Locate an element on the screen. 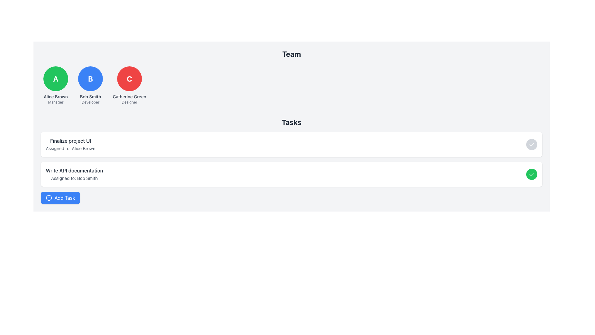 This screenshot has height=335, width=595. the composite text label displaying the task details, which is the second task listed below 'Finalize project UI' and above the 'Add Task' button in the 'Tasks' section is located at coordinates (74, 174).